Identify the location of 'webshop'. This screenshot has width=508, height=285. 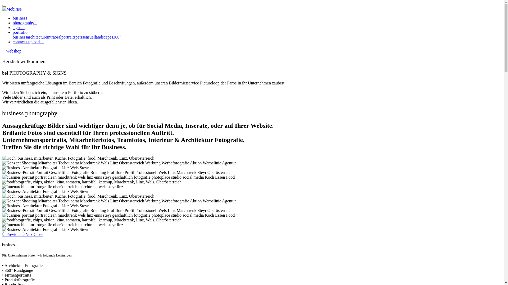
(12, 51).